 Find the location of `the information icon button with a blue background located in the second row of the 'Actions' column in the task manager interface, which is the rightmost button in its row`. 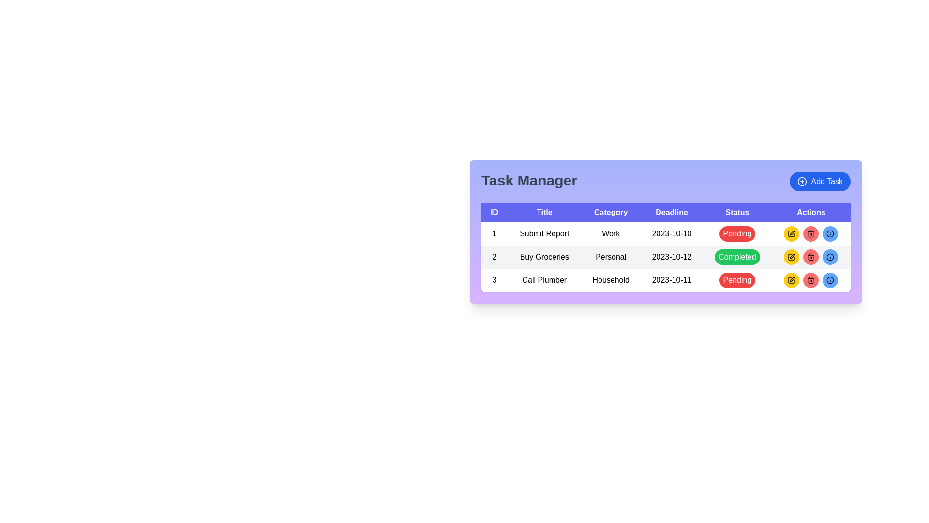

the information icon button with a blue background located in the second row of the 'Actions' column in the task manager interface, which is the rightmost button in its row is located at coordinates (830, 257).